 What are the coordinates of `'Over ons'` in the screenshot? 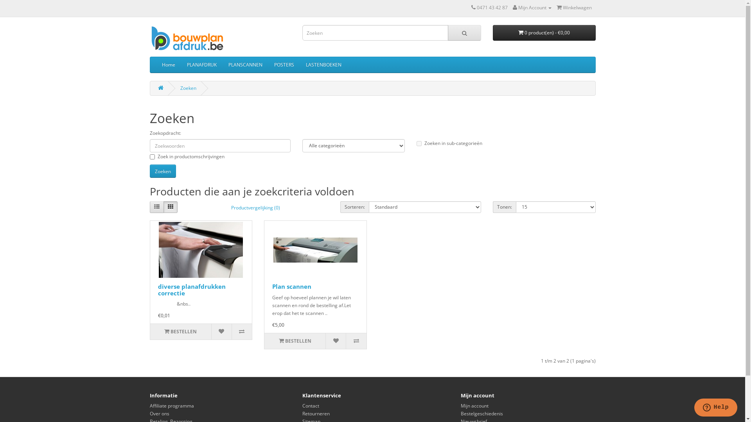 It's located at (159, 413).